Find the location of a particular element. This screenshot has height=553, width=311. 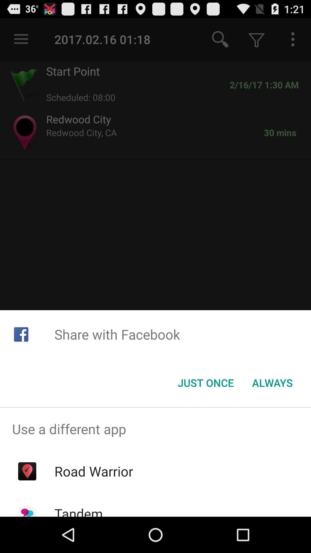

icon below the share with facebook is located at coordinates (205, 383).